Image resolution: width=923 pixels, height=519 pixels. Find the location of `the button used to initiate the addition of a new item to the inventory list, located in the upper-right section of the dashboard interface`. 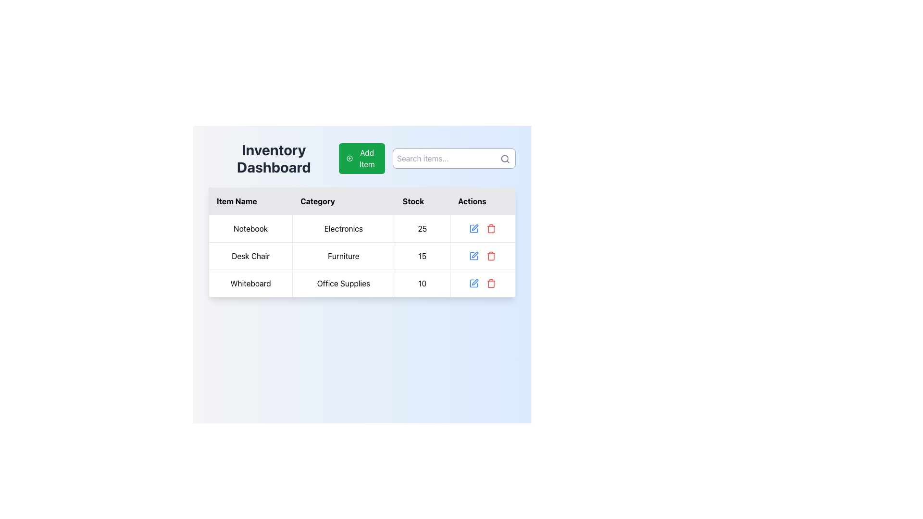

the button used to initiate the addition of a new item to the inventory list, located in the upper-right section of the dashboard interface is located at coordinates (362, 158).